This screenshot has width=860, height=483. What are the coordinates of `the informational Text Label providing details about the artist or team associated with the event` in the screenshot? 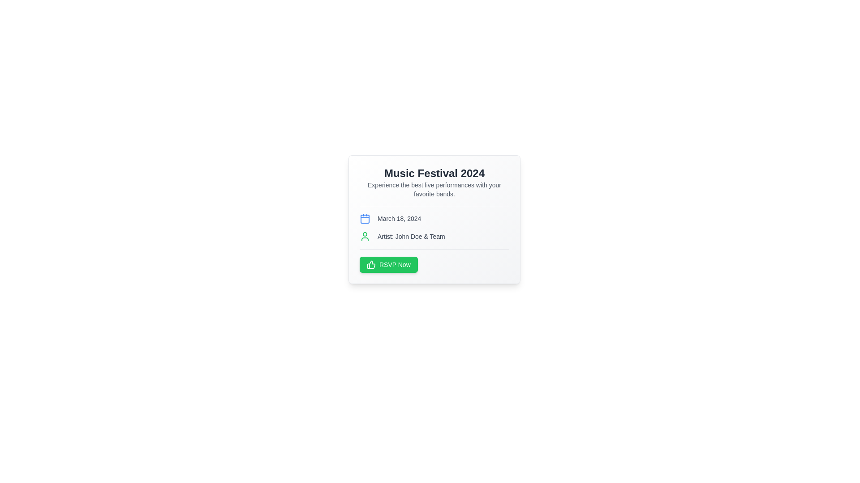 It's located at (411, 236).